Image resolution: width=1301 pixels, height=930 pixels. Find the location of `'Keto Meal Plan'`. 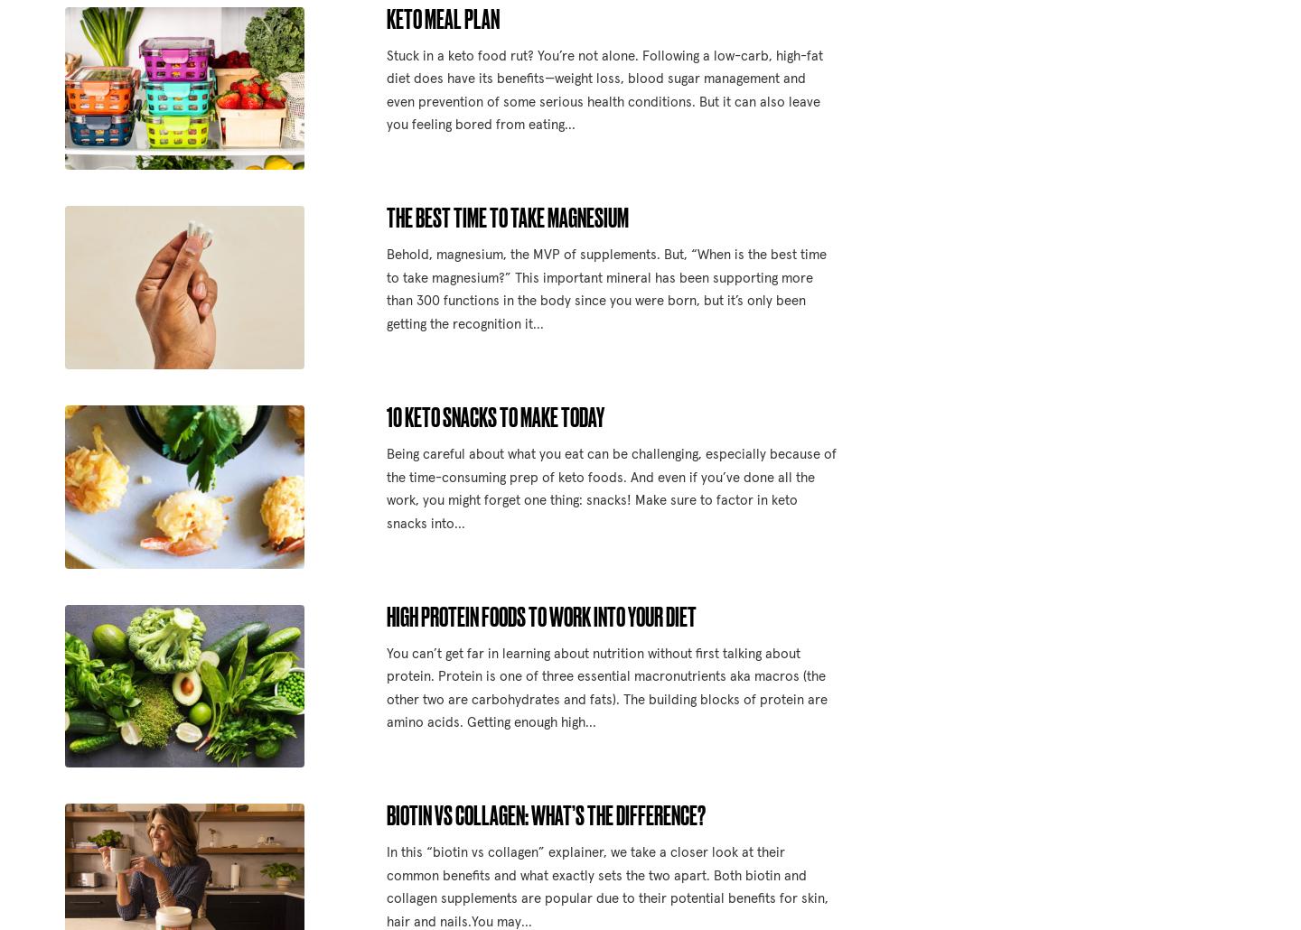

'Keto Meal Plan' is located at coordinates (441, 17).